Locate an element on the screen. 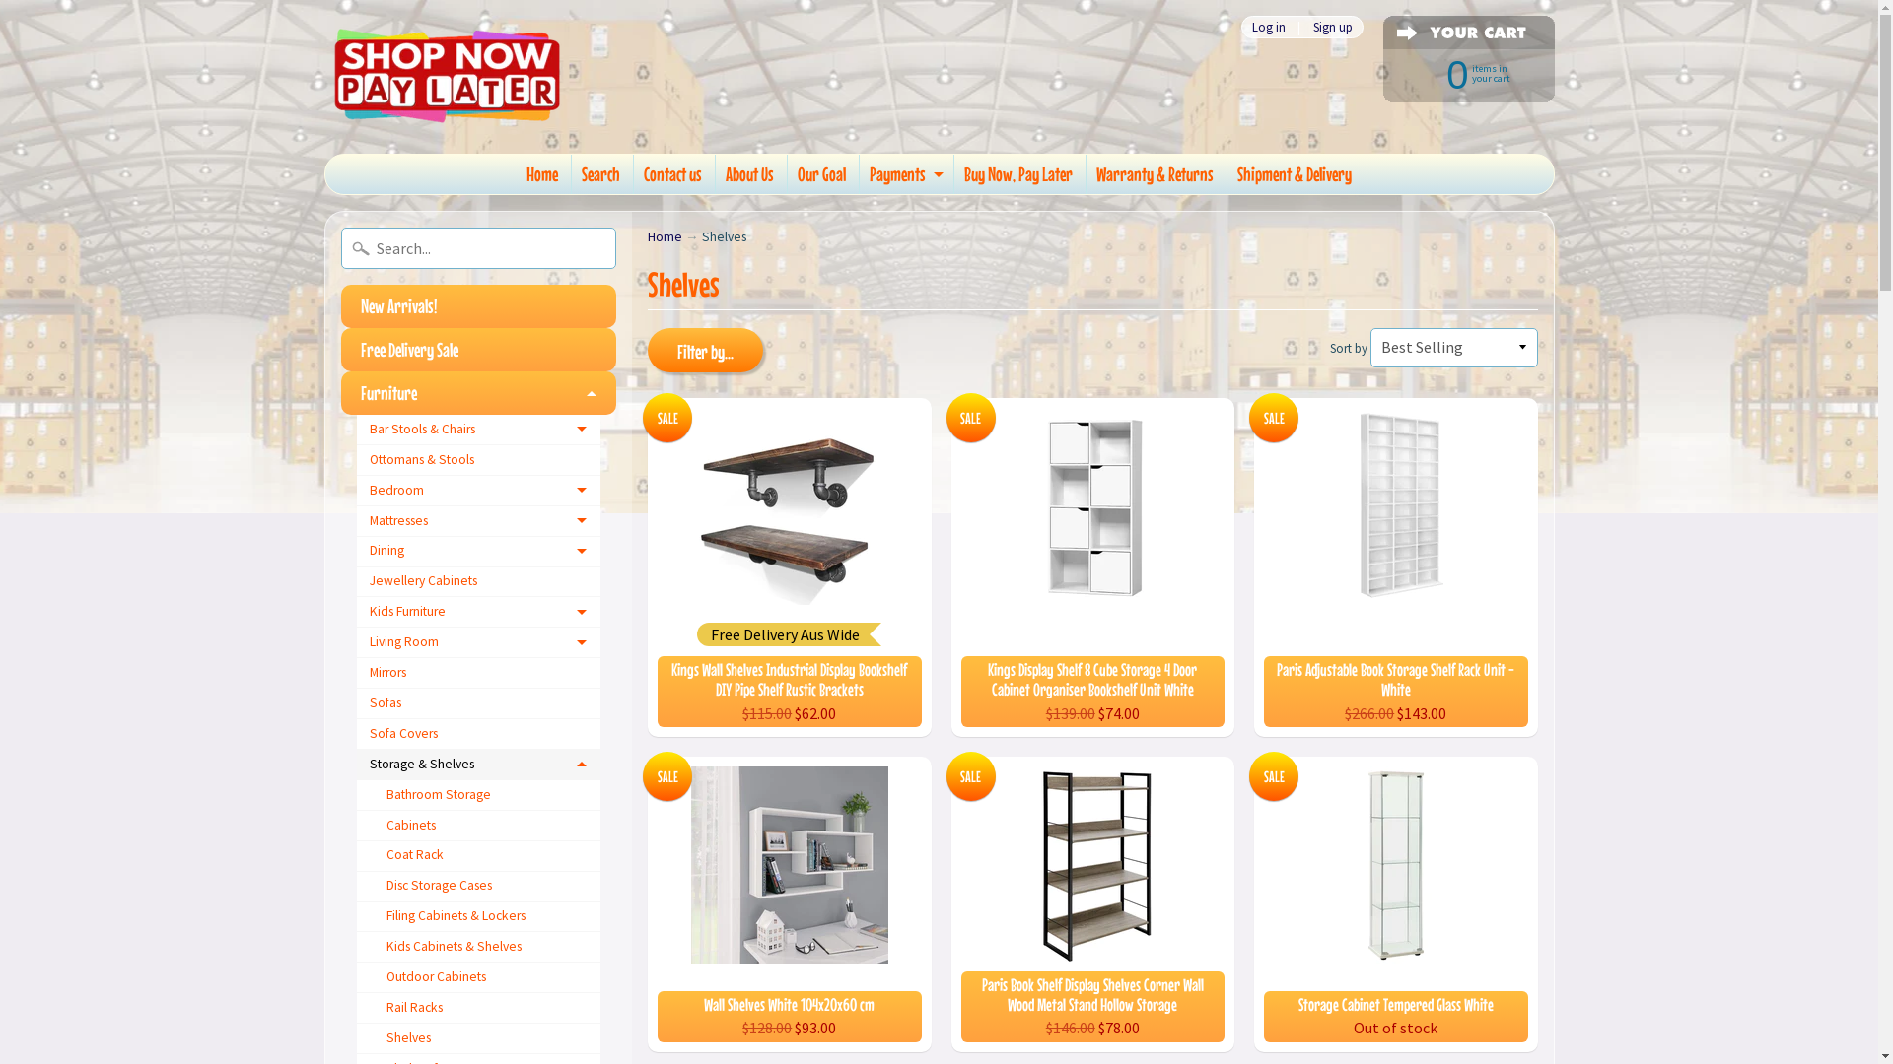 Image resolution: width=1893 pixels, height=1064 pixels. 'Rail Racks' is located at coordinates (356, 1008).